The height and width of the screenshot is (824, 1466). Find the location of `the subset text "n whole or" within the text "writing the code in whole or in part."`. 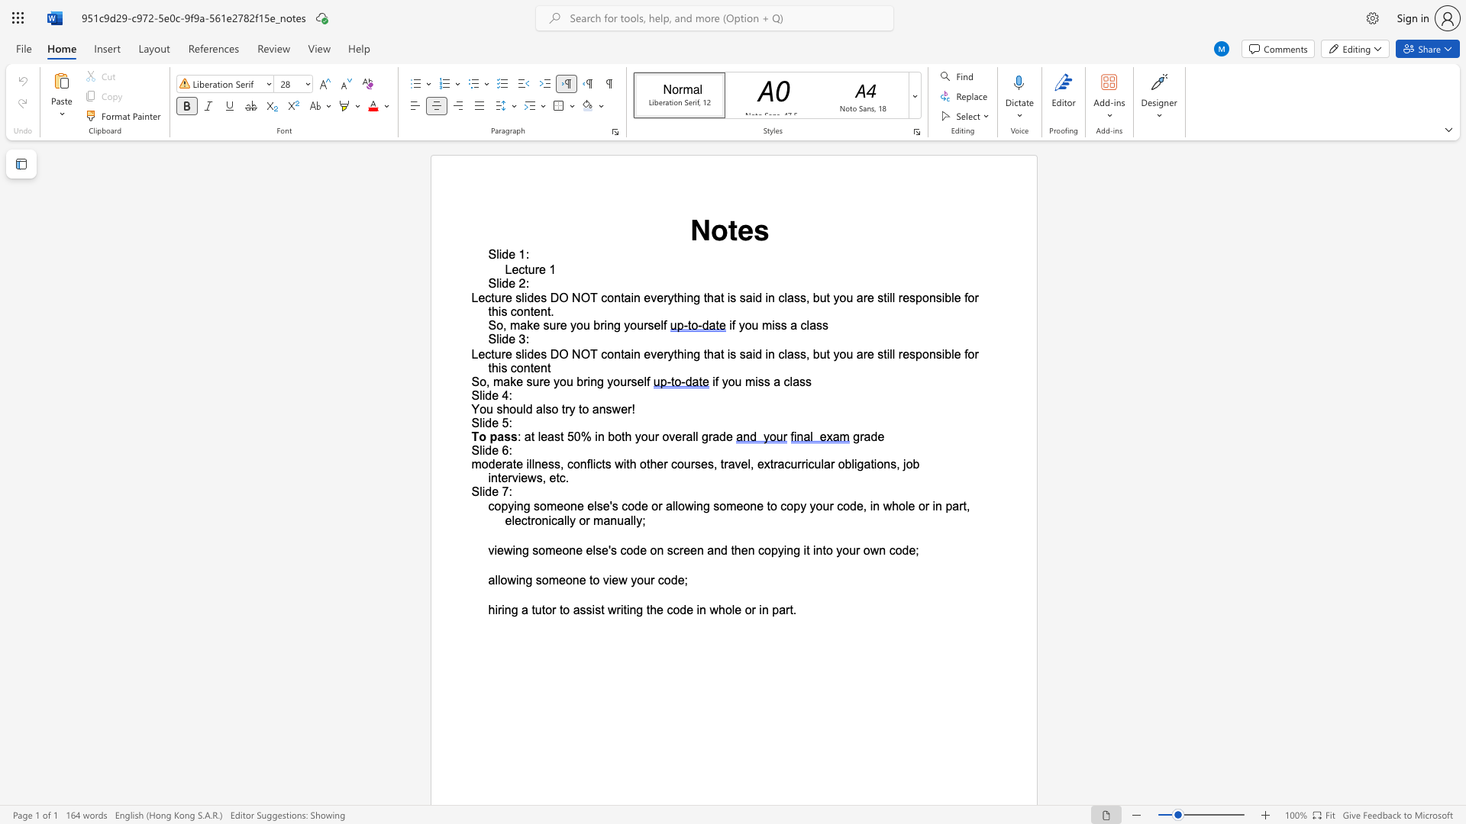

the subset text "n whole or" within the text "writing the code in whole or in part." is located at coordinates (699, 609).